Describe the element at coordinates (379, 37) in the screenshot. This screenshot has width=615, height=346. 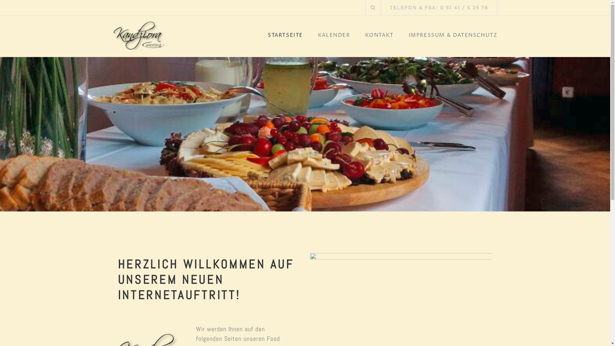
I see `'KONTAKT'` at that location.